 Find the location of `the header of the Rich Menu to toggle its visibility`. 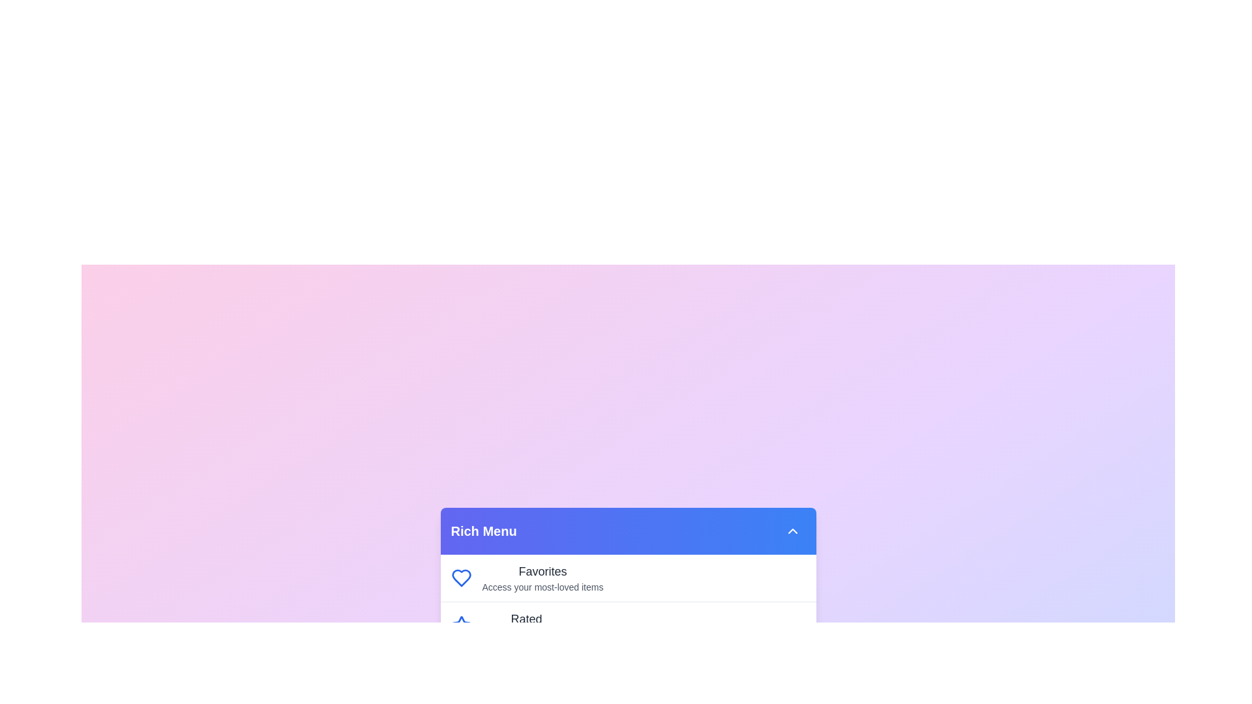

the header of the Rich Menu to toggle its visibility is located at coordinates (628, 531).